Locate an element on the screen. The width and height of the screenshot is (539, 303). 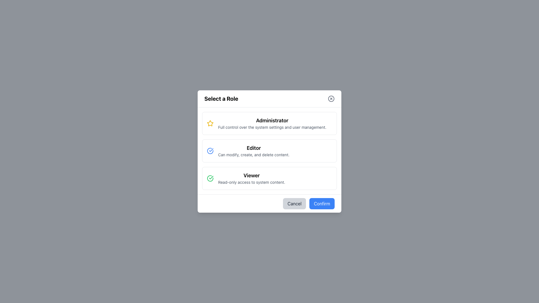
the 'Editor' selectable card element, which is the second card in a vertical list of three options within a centered modal dialog box is located at coordinates (269, 151).